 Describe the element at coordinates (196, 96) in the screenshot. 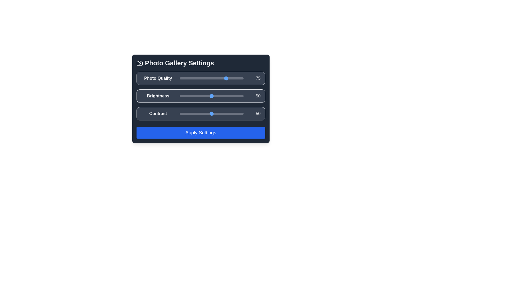

I see `the brightness level` at that location.